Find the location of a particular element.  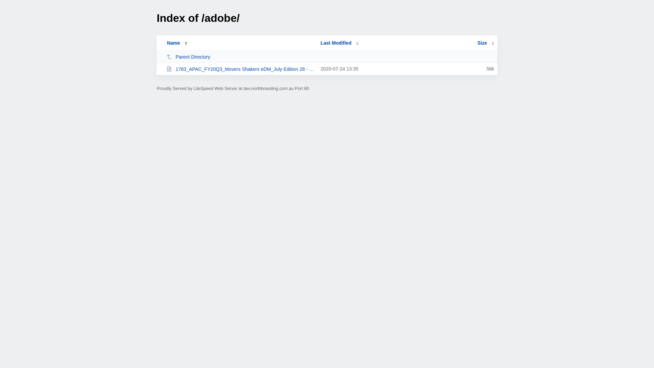

'Parent Directory' is located at coordinates (240, 56).